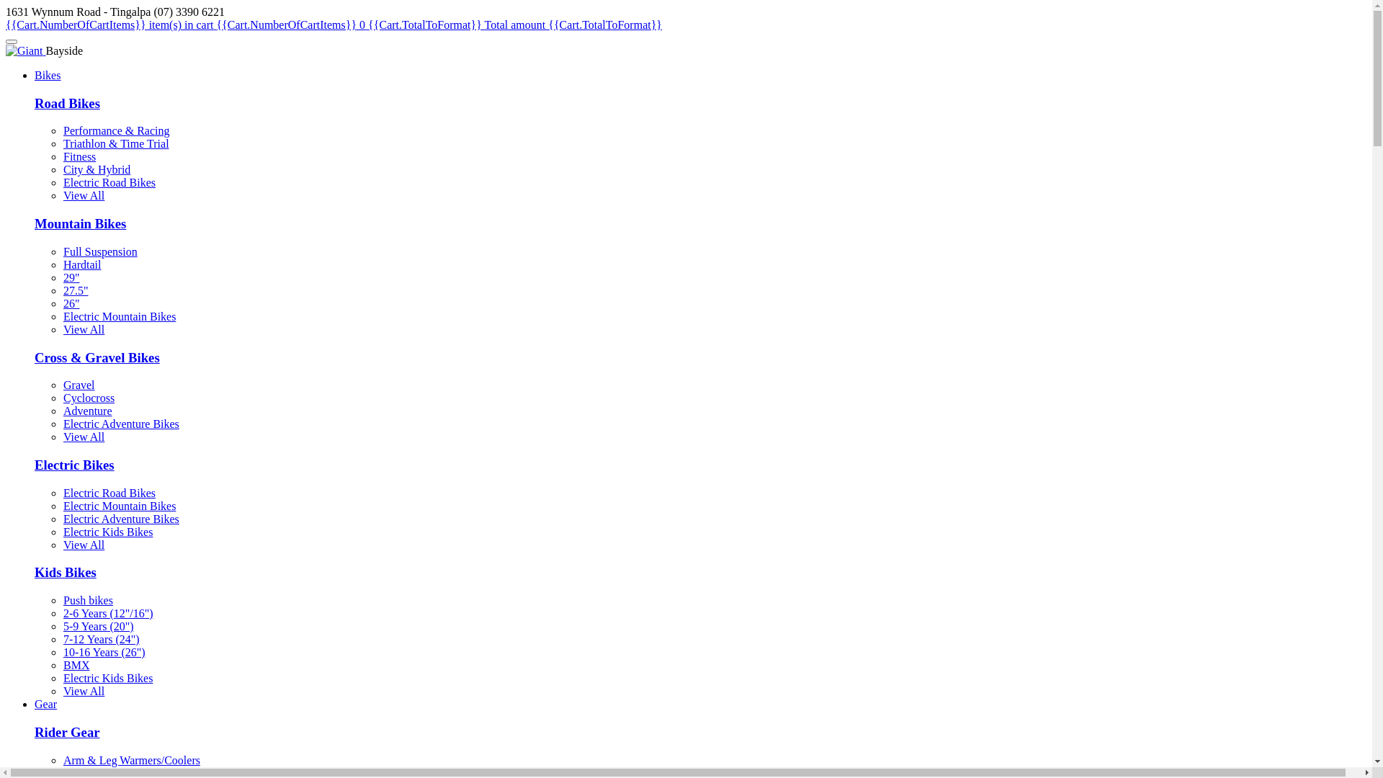  What do you see at coordinates (81, 264) in the screenshot?
I see `'Hardtail'` at bounding box center [81, 264].